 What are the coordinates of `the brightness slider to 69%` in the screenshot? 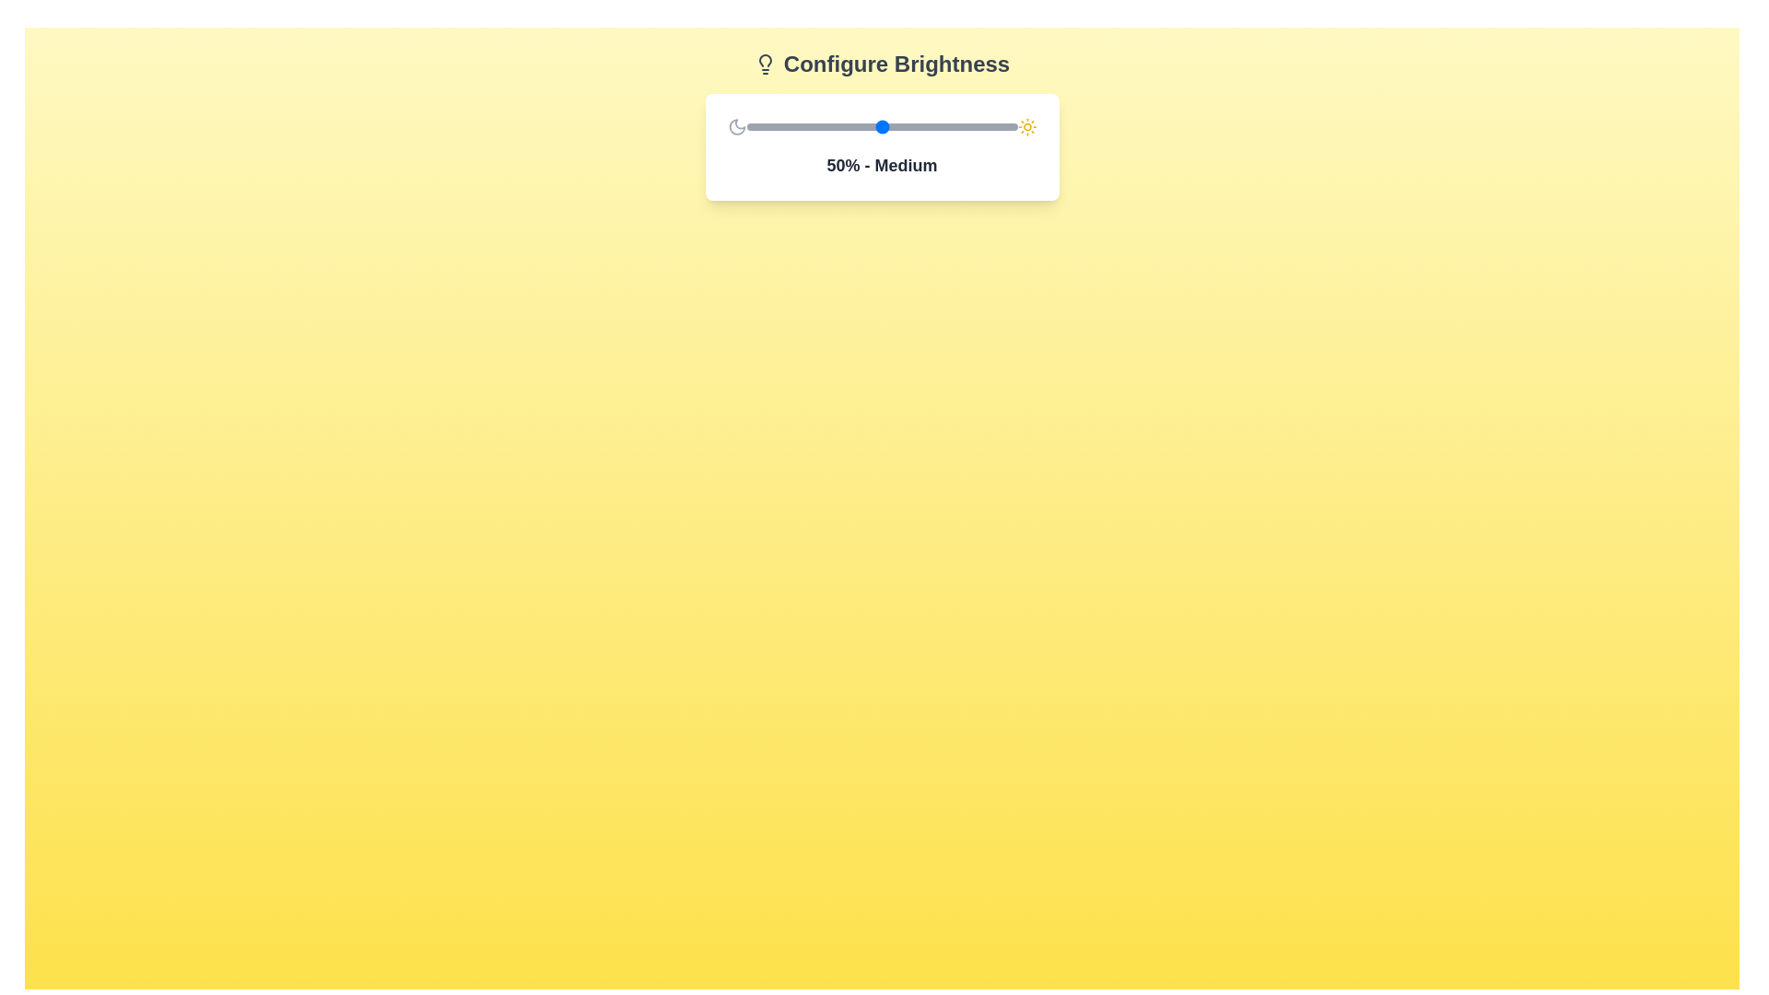 It's located at (933, 126).